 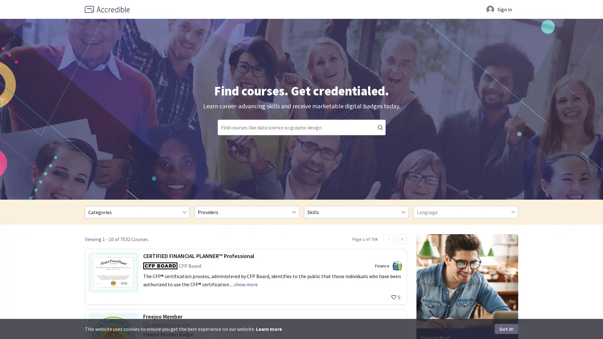 What do you see at coordinates (137, 212) in the screenshot?
I see `Categories` at bounding box center [137, 212].